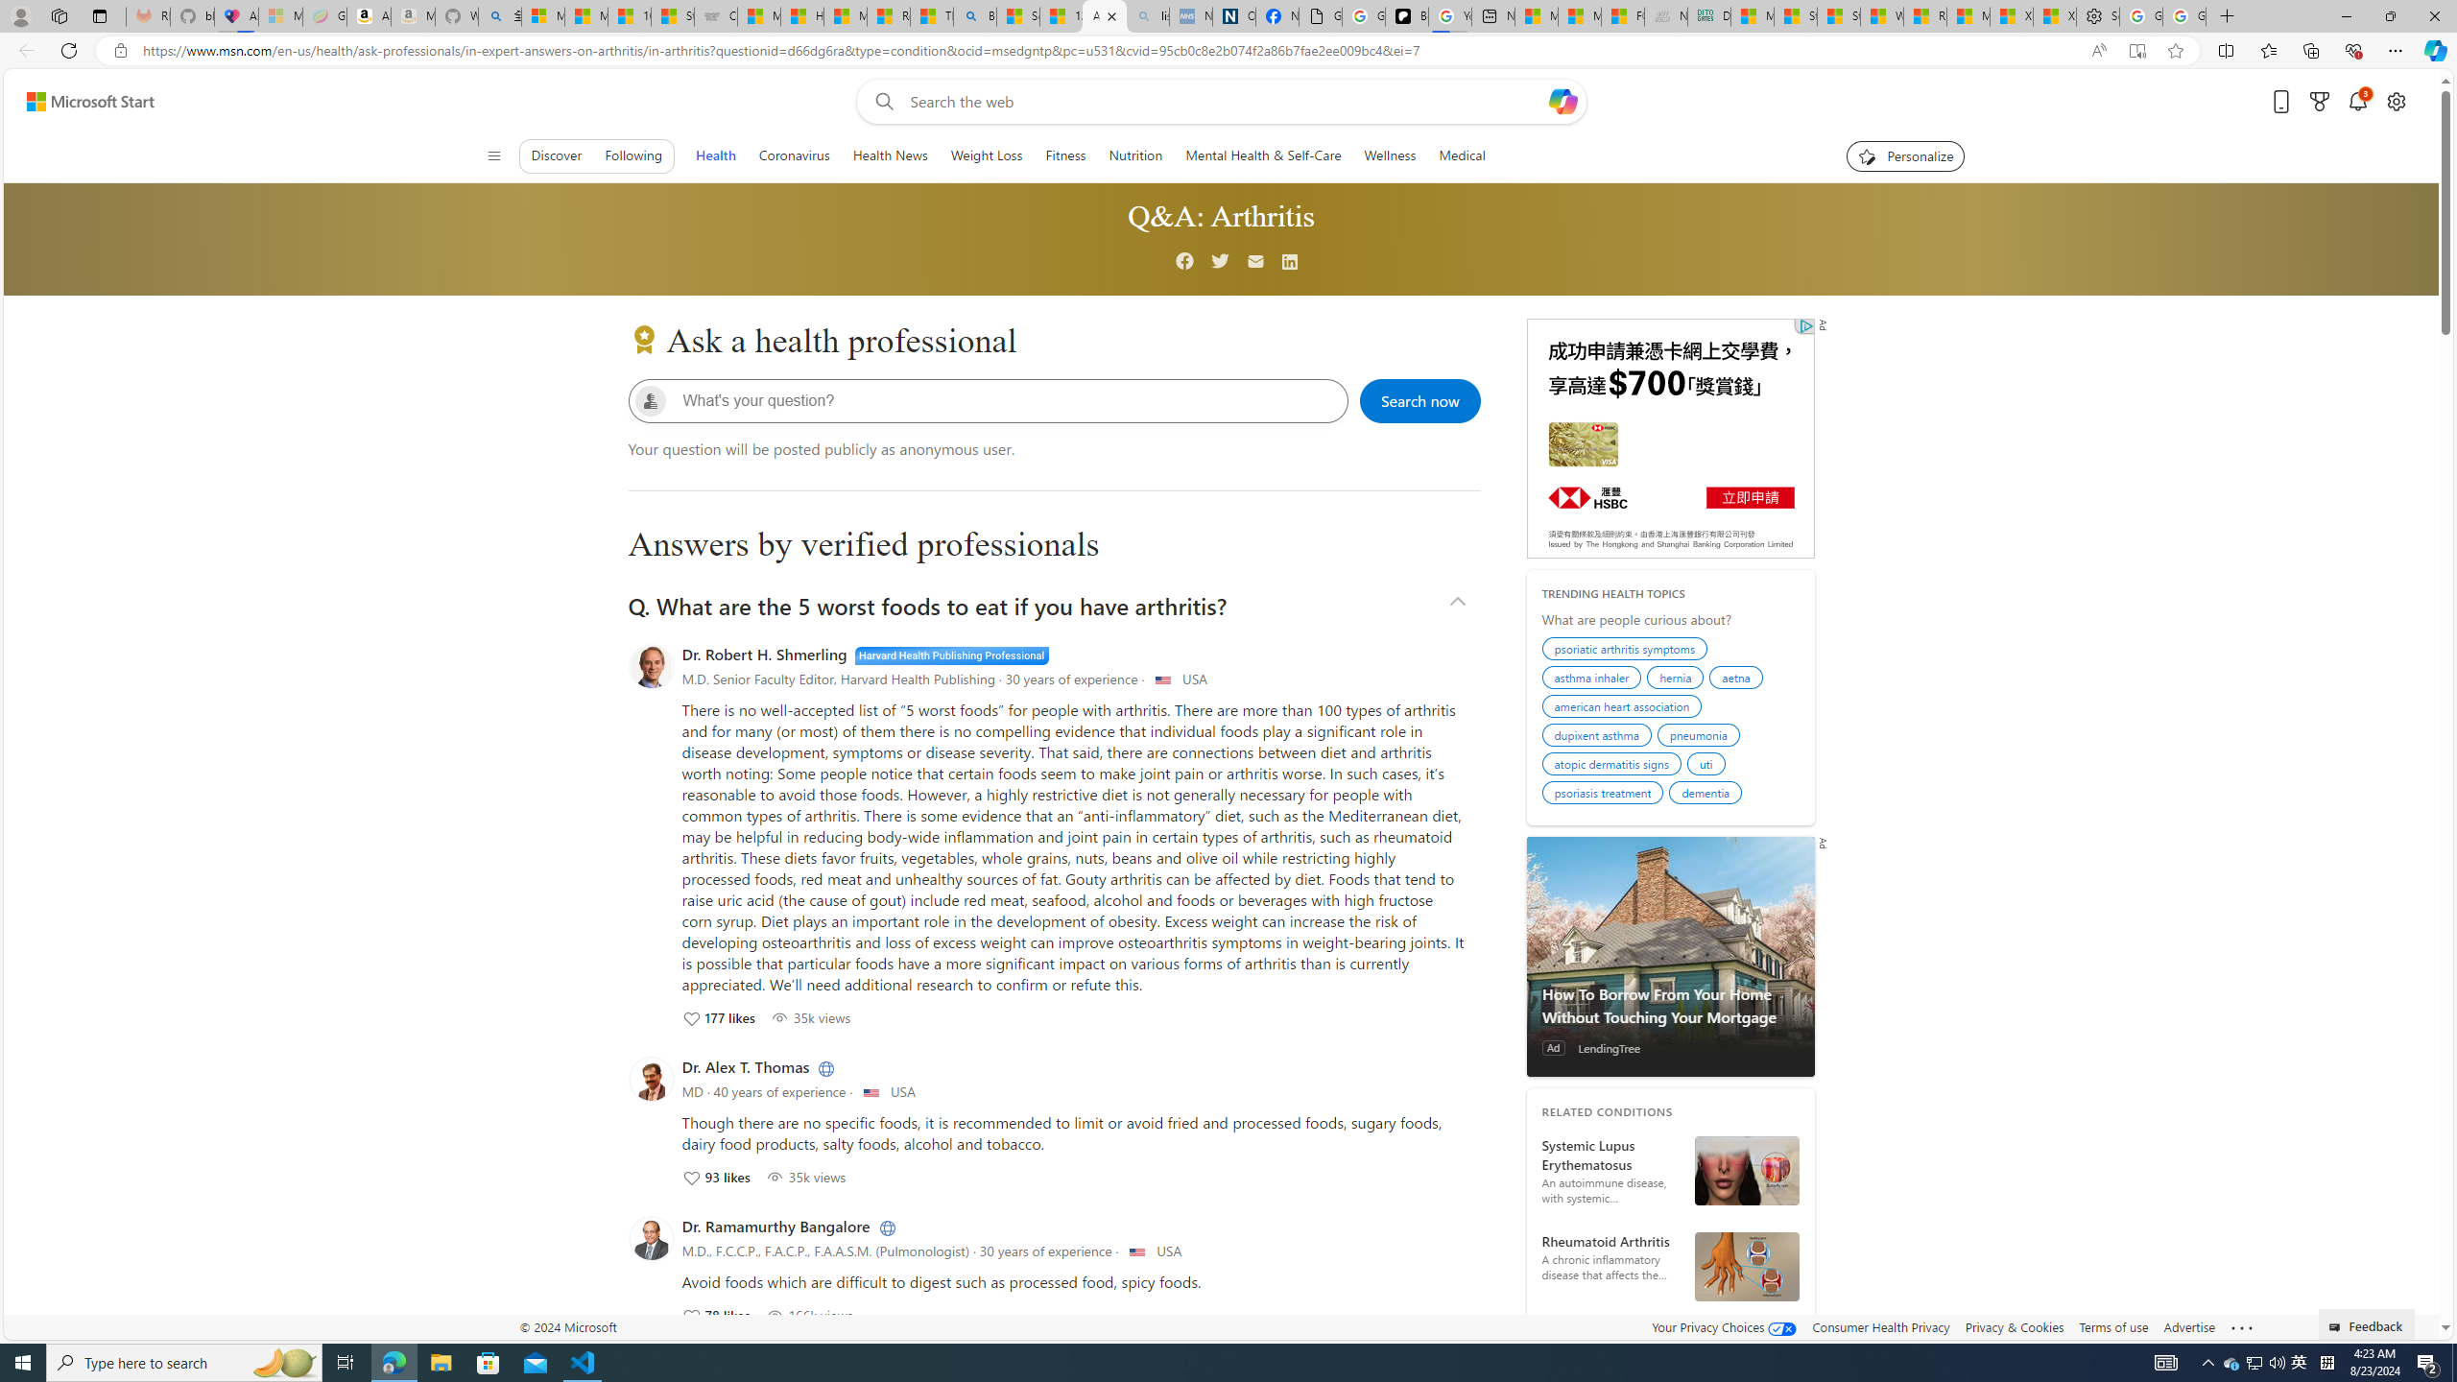 The width and height of the screenshot is (2457, 1382). What do you see at coordinates (1701, 736) in the screenshot?
I see `'pneumonia'` at bounding box center [1701, 736].